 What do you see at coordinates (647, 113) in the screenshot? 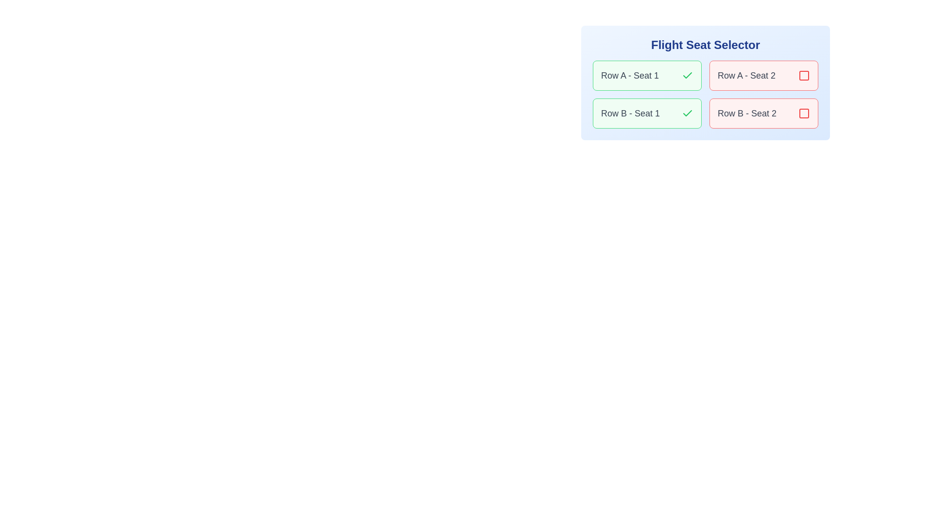
I see `the selected seat option button in the Flight Seat Selector grid, which indicates the availability and status of the seat and is visually styled` at bounding box center [647, 113].